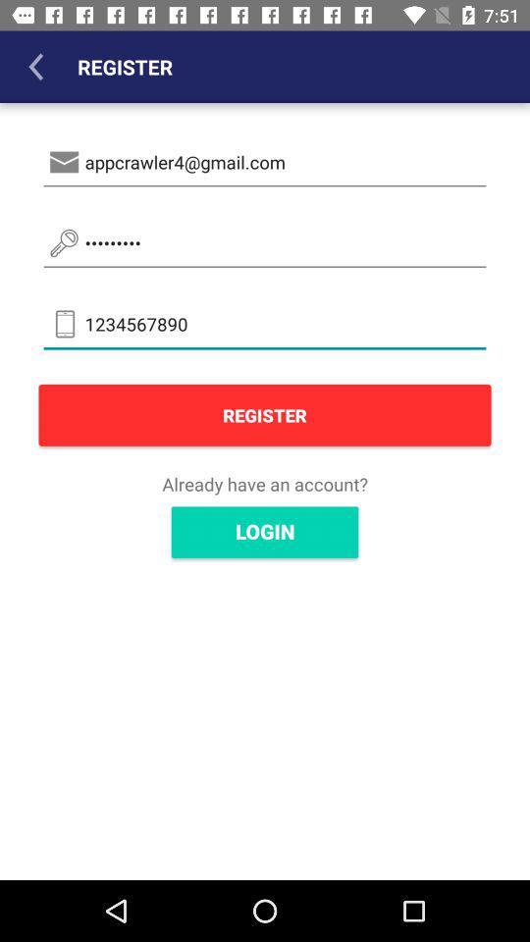 The height and width of the screenshot is (942, 530). Describe the element at coordinates (265, 532) in the screenshot. I see `the login` at that location.